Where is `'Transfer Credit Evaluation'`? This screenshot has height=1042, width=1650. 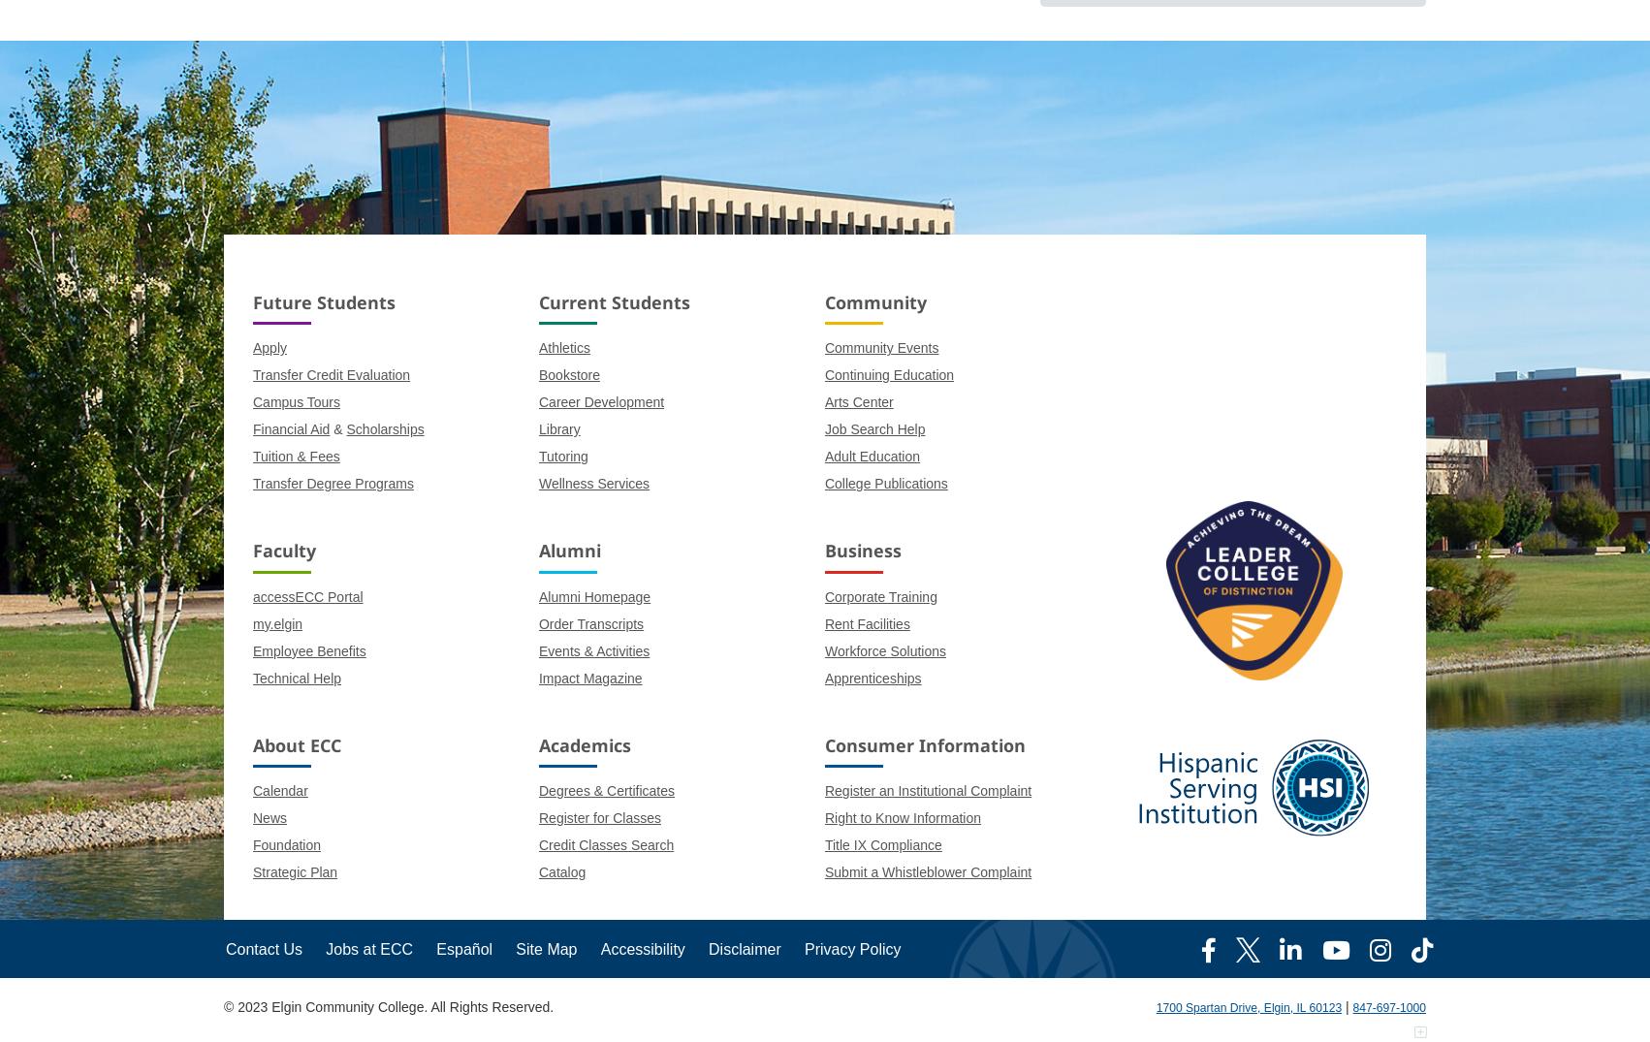 'Transfer Credit Evaluation' is located at coordinates (331, 375).